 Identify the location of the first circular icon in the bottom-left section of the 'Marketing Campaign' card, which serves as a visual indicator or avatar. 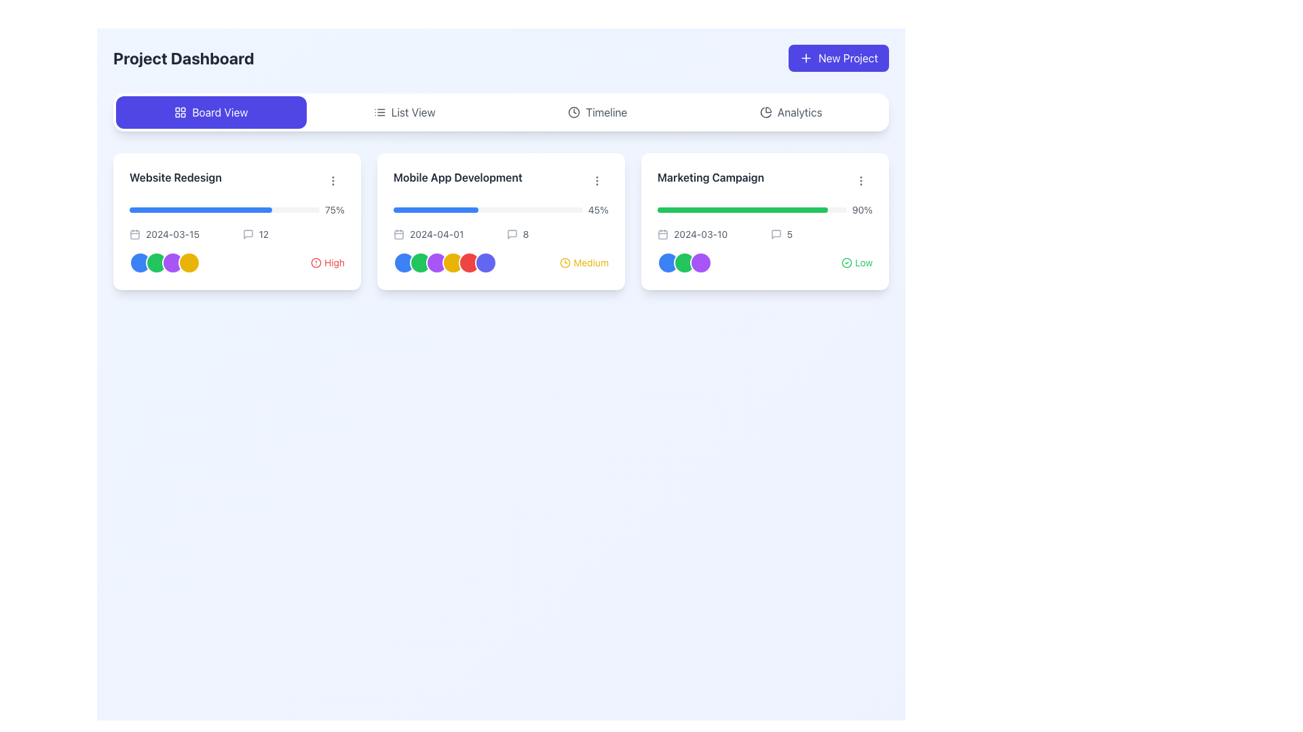
(668, 263).